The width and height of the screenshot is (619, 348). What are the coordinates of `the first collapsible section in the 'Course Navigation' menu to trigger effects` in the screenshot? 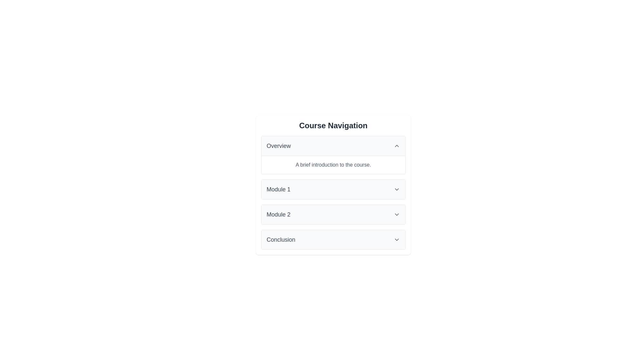 It's located at (333, 155).